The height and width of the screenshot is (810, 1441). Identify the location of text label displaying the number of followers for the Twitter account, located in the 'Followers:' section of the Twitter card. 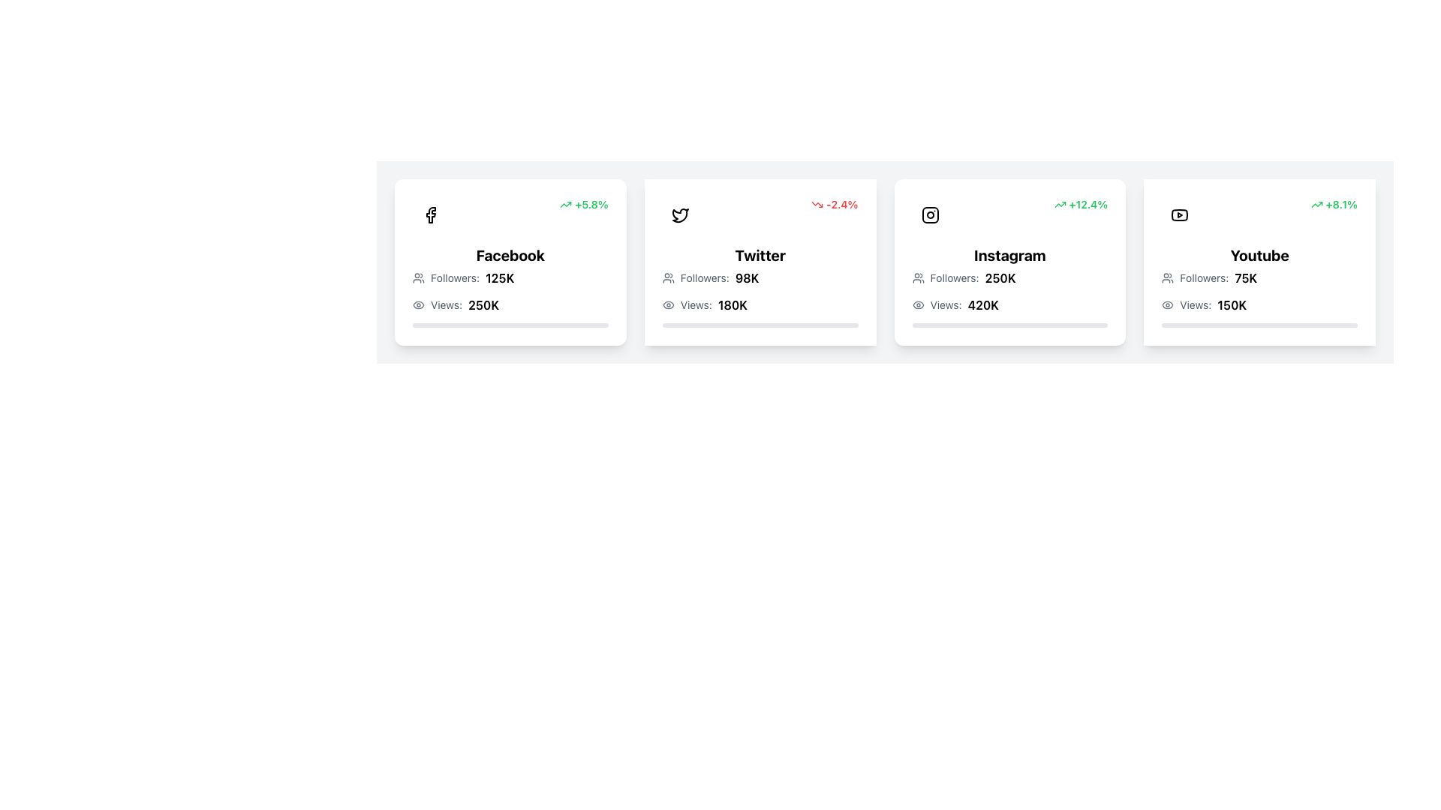
(747, 277).